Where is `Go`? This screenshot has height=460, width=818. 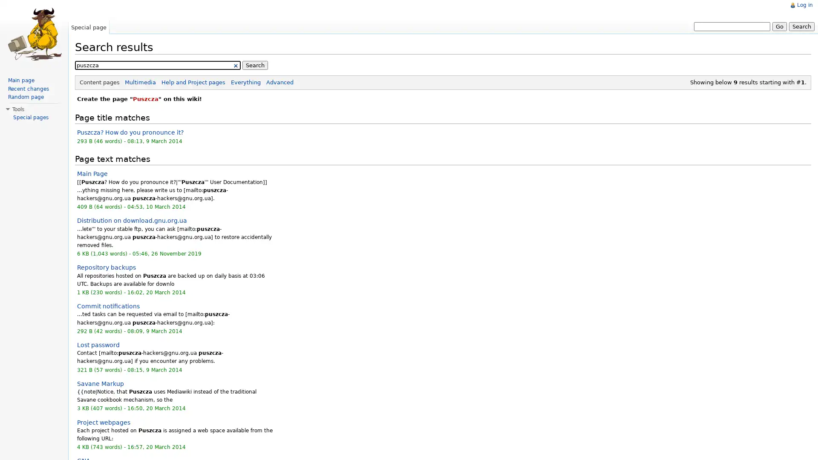
Go is located at coordinates (779, 26).